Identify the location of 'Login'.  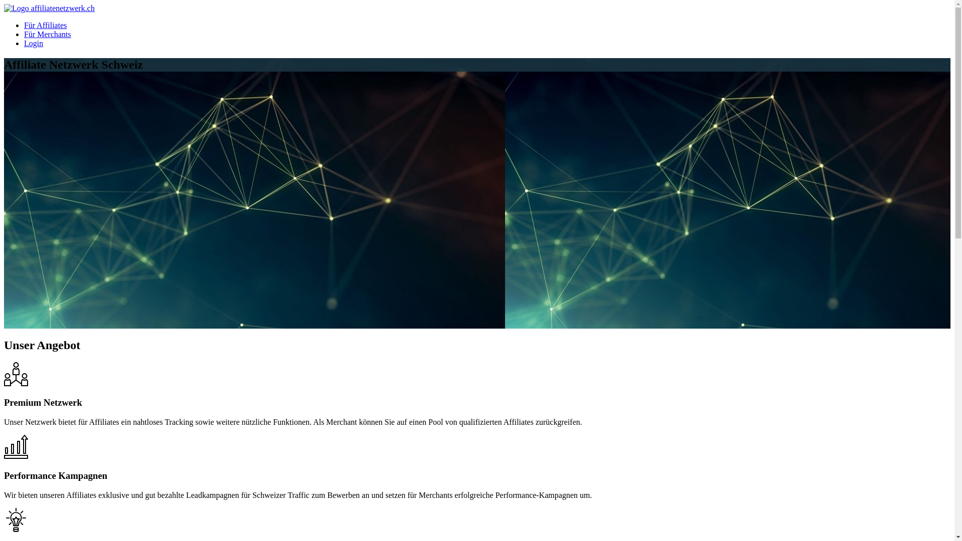
(34, 43).